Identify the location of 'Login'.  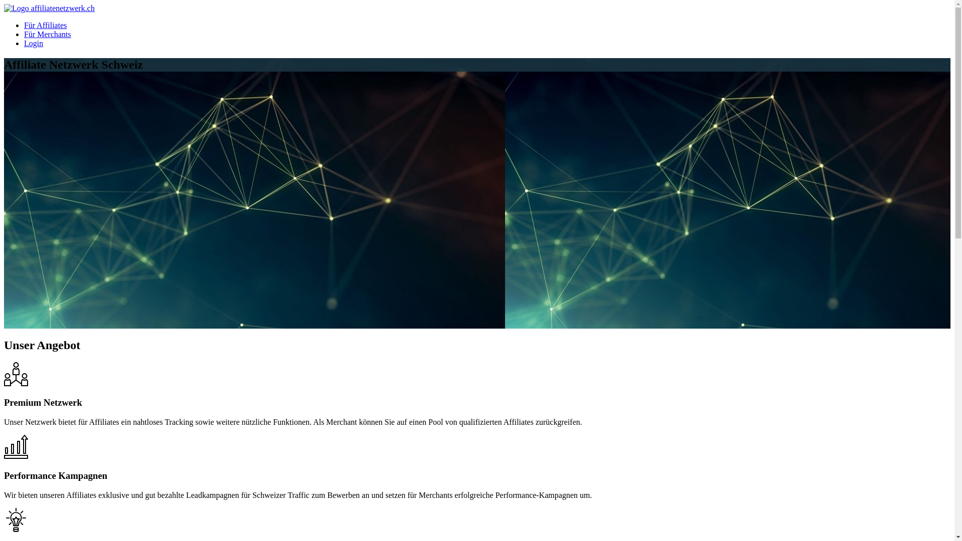
(34, 43).